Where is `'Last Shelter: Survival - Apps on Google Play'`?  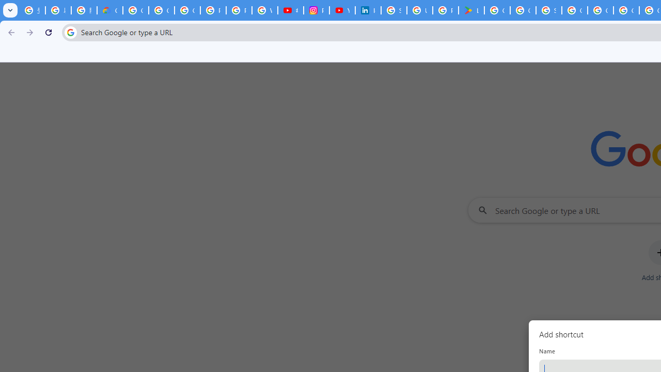 'Last Shelter: Survival - Apps on Google Play' is located at coordinates (471, 10).